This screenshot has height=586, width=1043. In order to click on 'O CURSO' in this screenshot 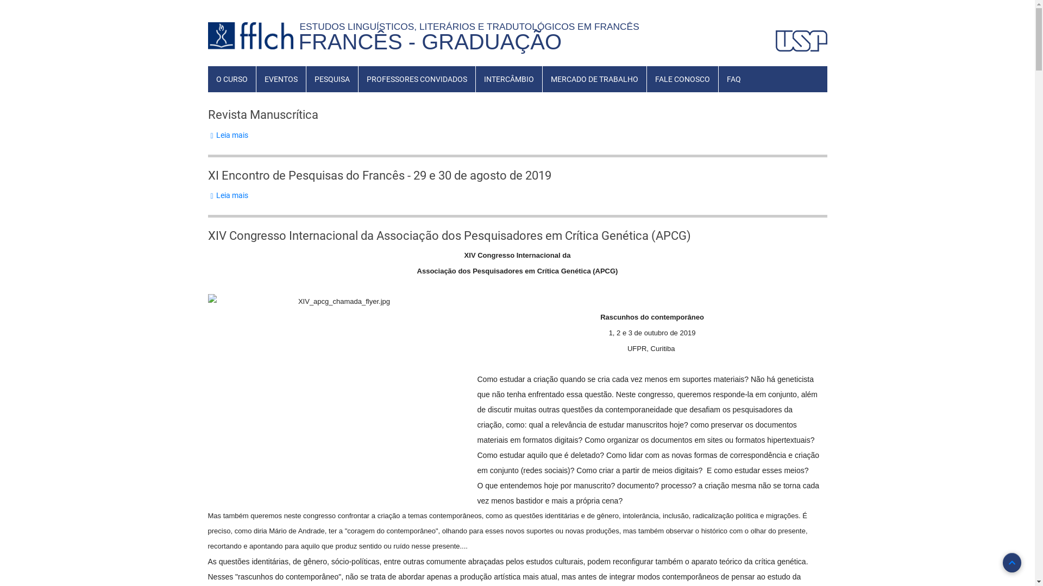, I will do `click(208, 79)`.